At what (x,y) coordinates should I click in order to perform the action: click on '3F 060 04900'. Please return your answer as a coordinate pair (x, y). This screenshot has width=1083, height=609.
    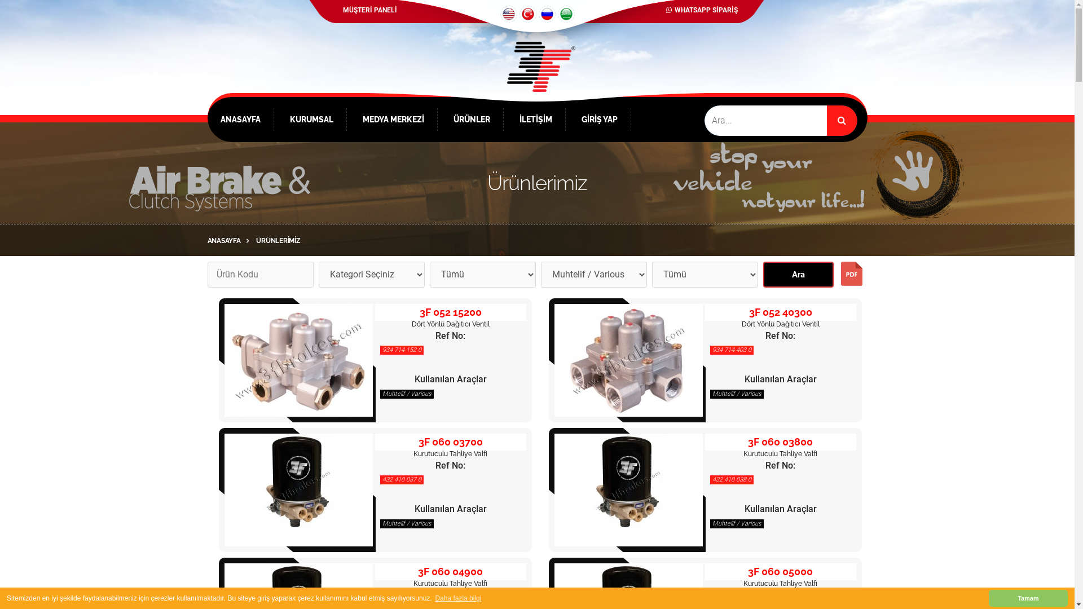
    Looking at the image, I should click on (450, 572).